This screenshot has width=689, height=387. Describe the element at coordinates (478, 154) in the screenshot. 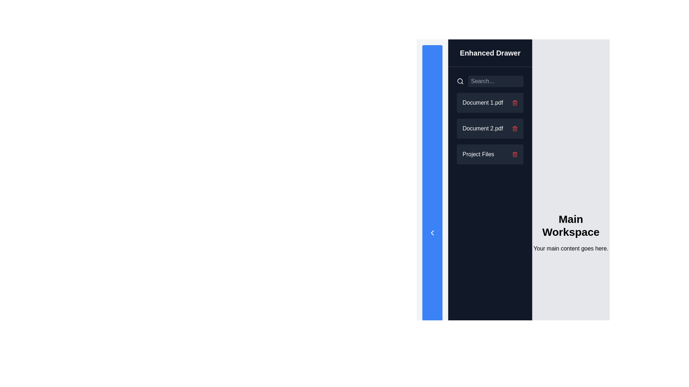

I see `the third label in the 'Enhanced Drawer' section of the left drawer interface, which represents project files` at that location.